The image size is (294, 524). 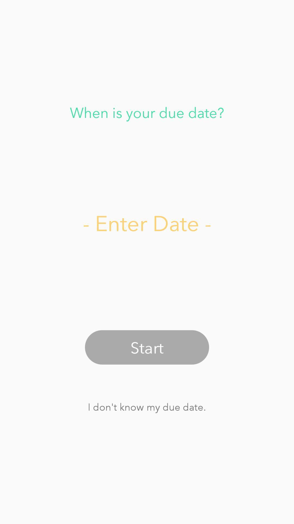 What do you see at coordinates (147, 347) in the screenshot?
I see `the icon above the i don t` at bounding box center [147, 347].